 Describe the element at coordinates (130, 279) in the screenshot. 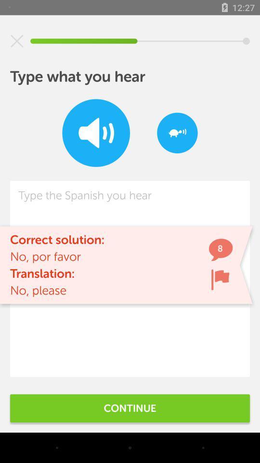

I see `text entry box` at that location.